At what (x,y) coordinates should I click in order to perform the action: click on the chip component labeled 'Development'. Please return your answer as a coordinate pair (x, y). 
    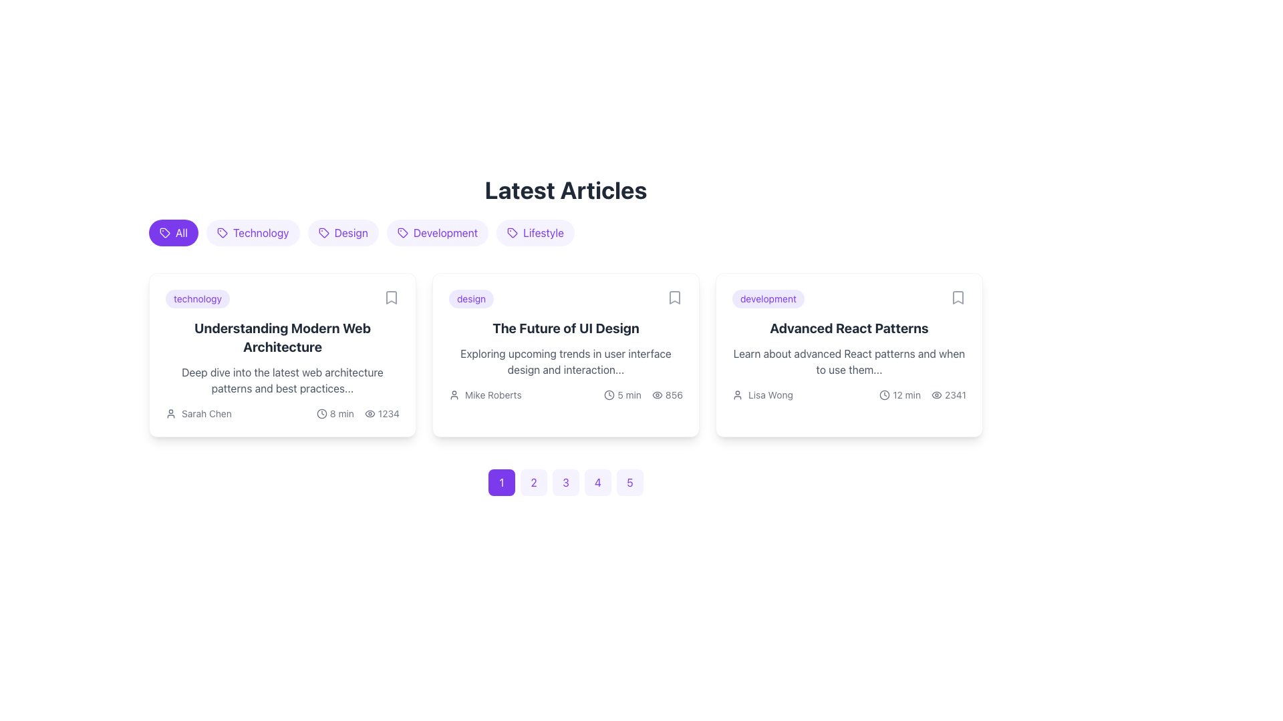
    Looking at the image, I should click on (438, 232).